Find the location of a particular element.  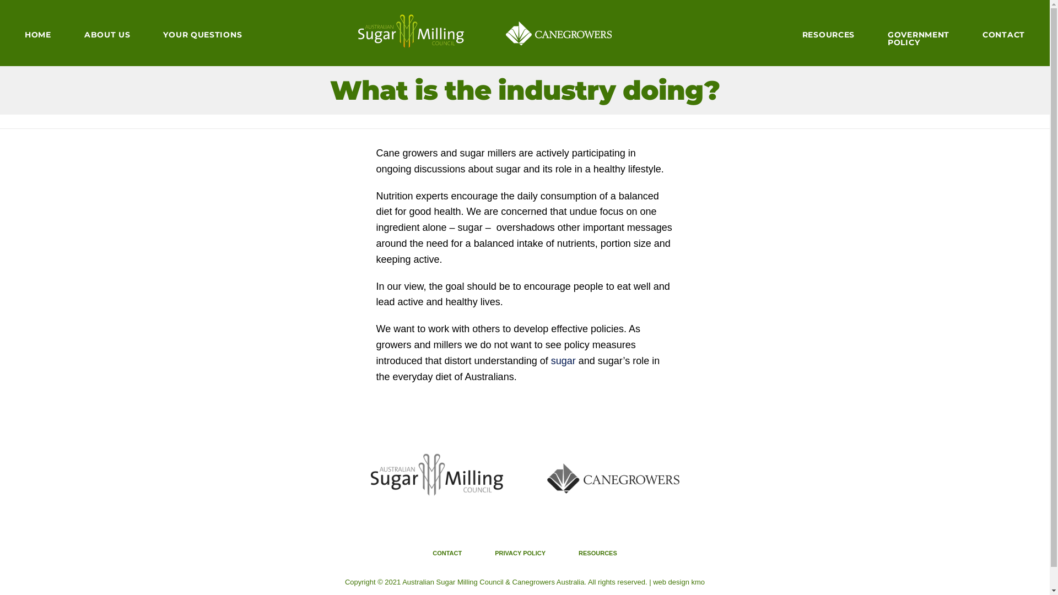

'ABOUT US' is located at coordinates (107, 33).